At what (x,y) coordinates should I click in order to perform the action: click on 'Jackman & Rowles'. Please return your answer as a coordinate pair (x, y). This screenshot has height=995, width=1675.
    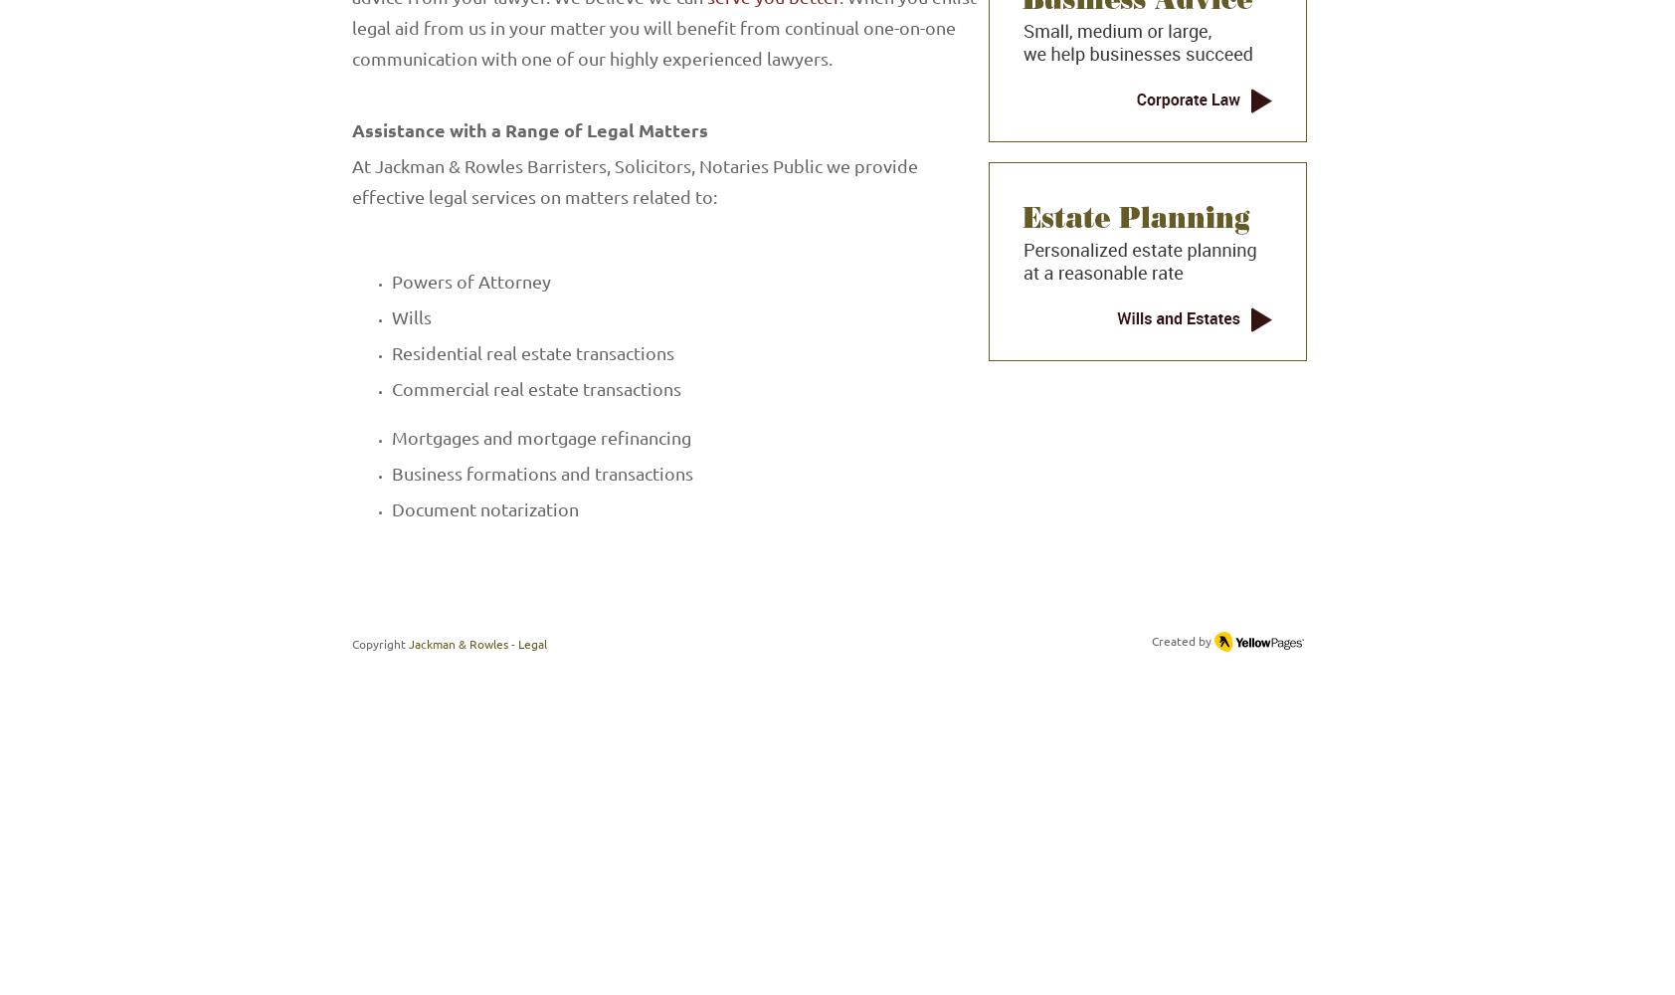
    Looking at the image, I should click on (458, 644).